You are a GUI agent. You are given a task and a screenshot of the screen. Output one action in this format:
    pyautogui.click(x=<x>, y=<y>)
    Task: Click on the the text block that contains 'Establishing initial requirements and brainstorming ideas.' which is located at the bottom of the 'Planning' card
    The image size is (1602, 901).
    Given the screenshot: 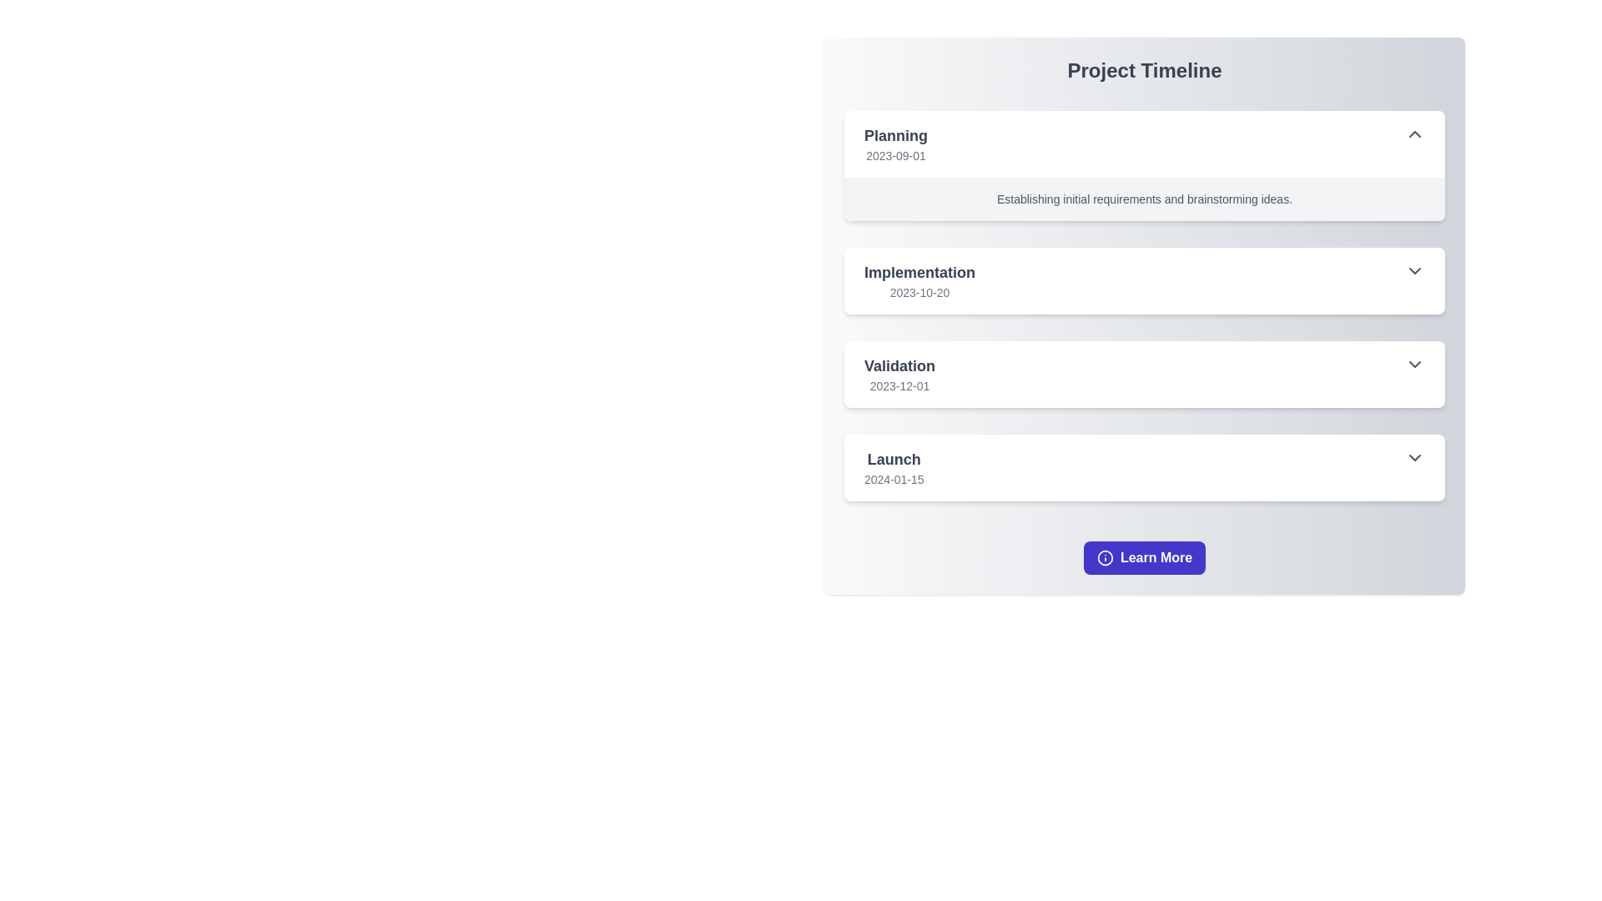 What is the action you would take?
    pyautogui.click(x=1144, y=199)
    